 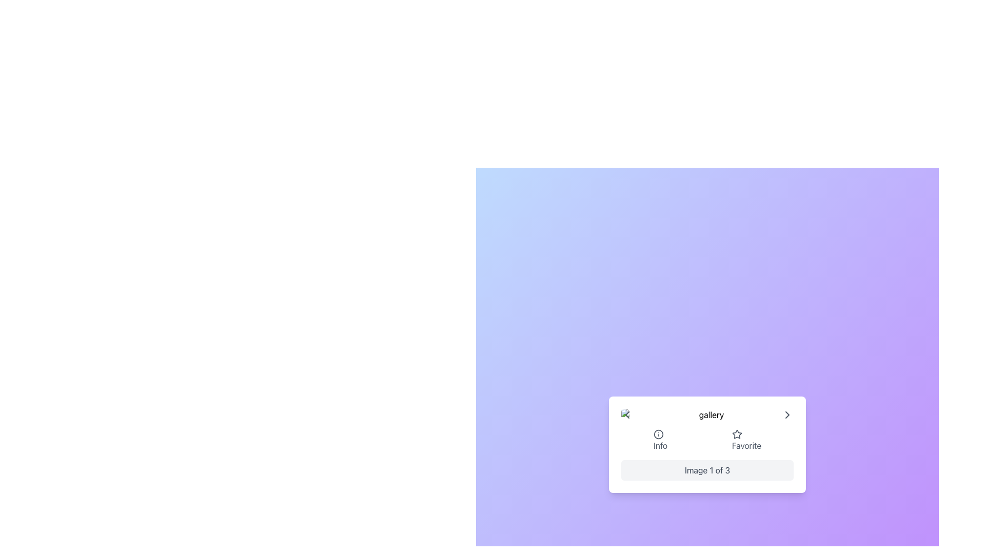 I want to click on the next button located at the bottom-right corner of the card, so click(x=787, y=414).